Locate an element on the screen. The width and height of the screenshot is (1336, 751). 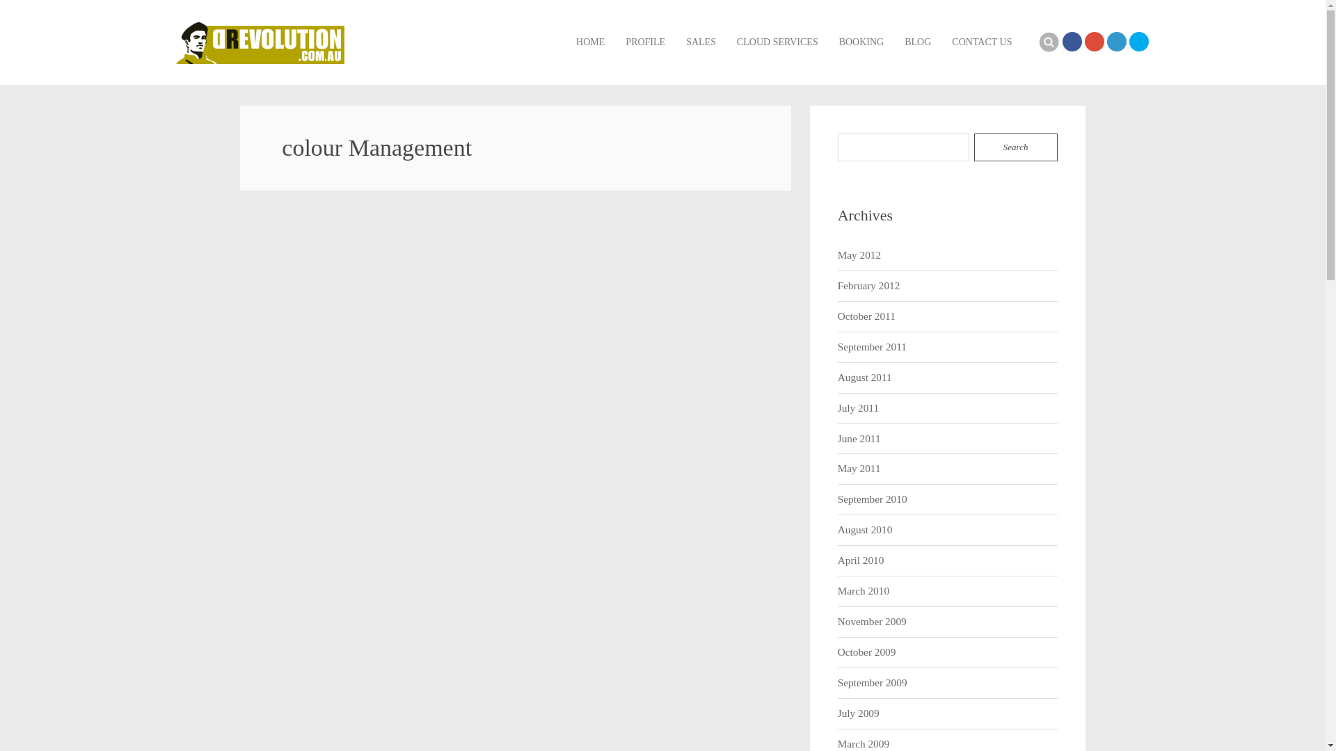
'Search' is located at coordinates (1049, 41).